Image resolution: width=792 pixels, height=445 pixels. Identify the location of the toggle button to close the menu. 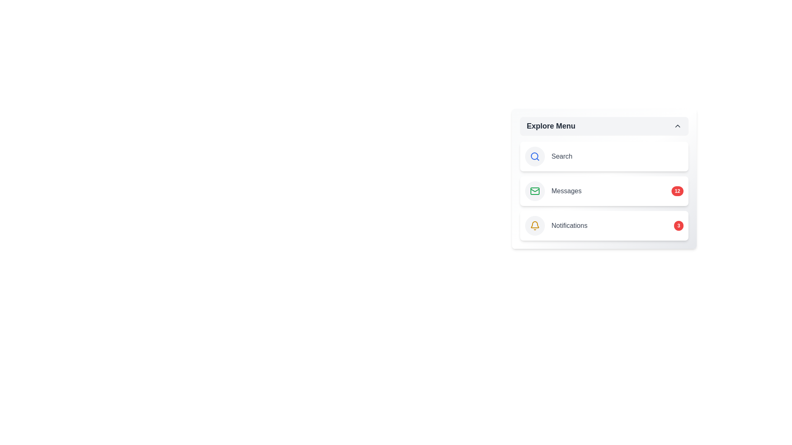
(604, 126).